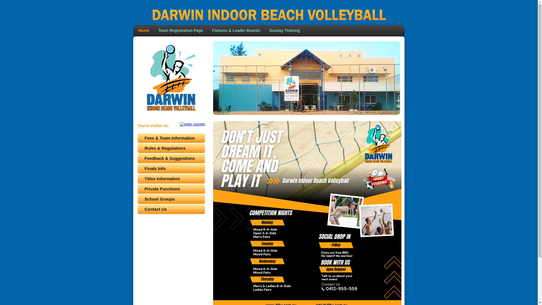 The image size is (542, 305). I want to click on 'Rules & Regulations', so click(137, 148).